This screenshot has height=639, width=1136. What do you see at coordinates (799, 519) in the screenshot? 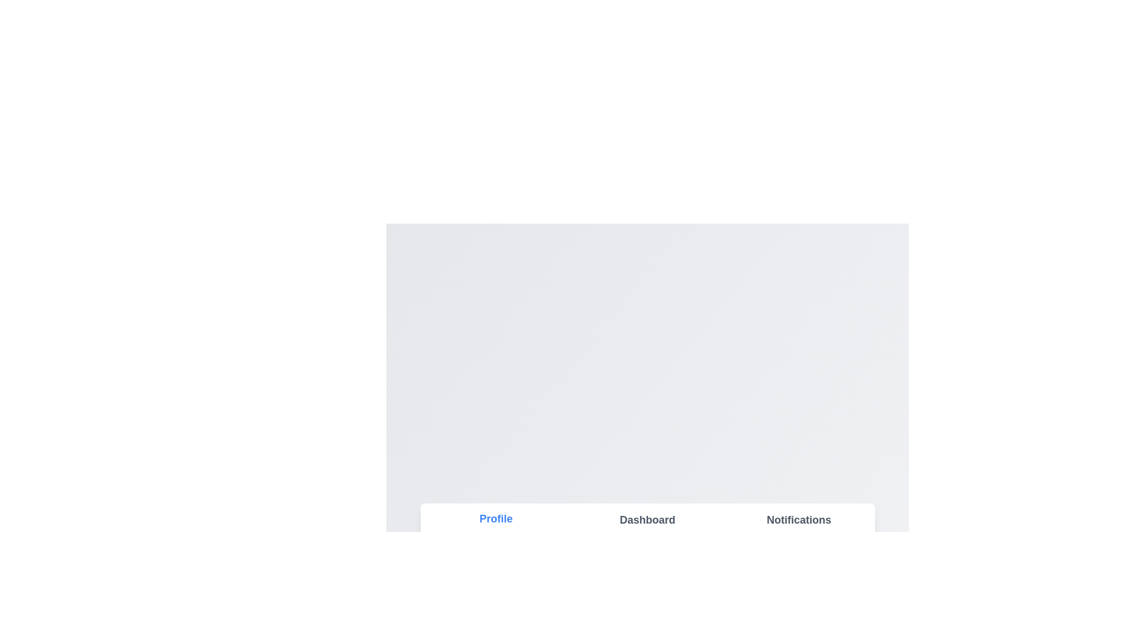
I see `the tab titled Notifications to switch to it` at bounding box center [799, 519].